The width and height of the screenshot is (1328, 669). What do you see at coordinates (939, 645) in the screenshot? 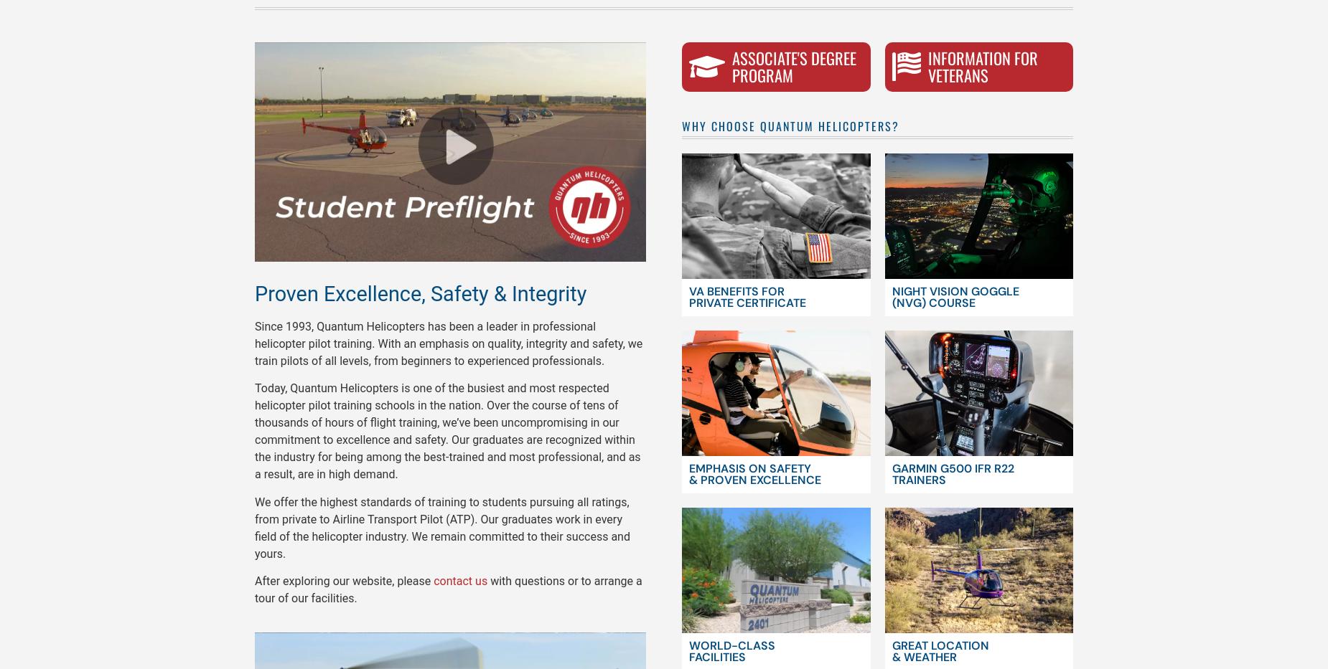
I see `'Great Location'` at bounding box center [939, 645].